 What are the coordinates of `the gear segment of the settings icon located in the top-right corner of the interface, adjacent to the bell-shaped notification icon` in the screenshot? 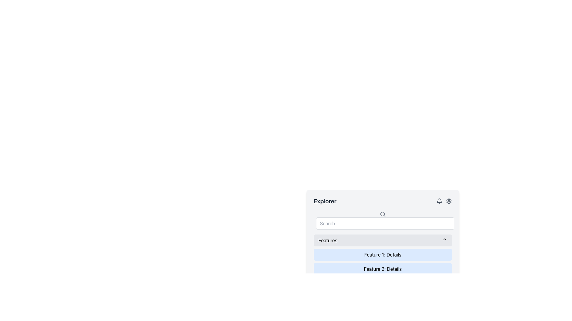 It's located at (449, 201).